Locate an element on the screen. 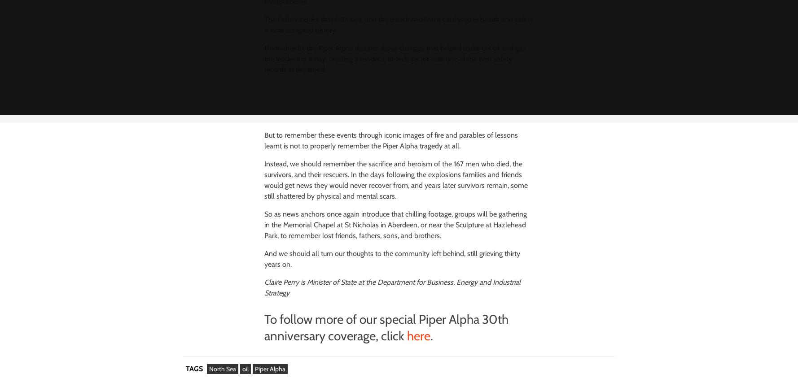  'To follow more of our special Piper Alpha 30th anniversary coverage, click' is located at coordinates (264, 327).